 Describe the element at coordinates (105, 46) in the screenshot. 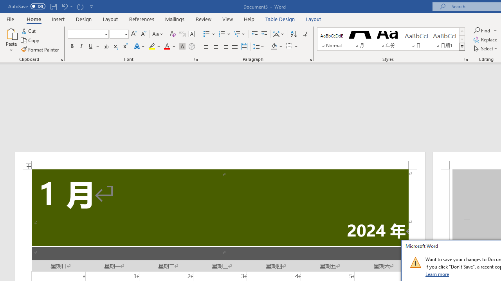

I see `'Strikethrough'` at that location.